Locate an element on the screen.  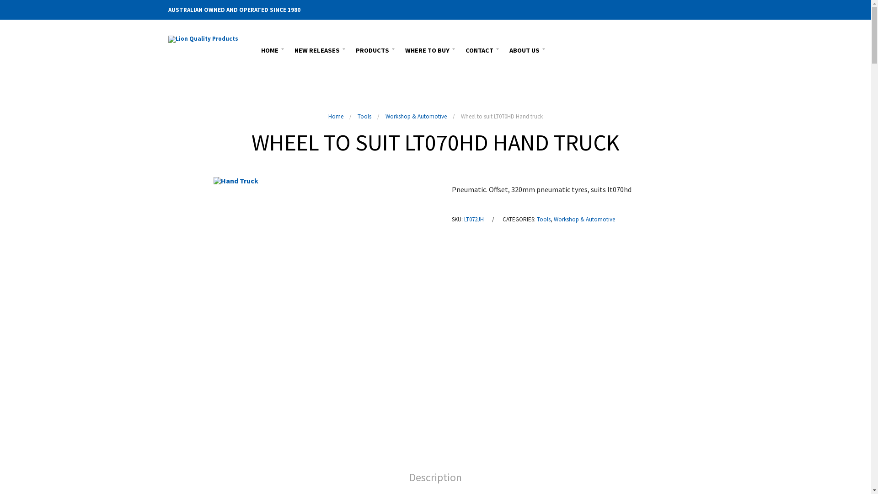
'Tools' is located at coordinates (364, 116).